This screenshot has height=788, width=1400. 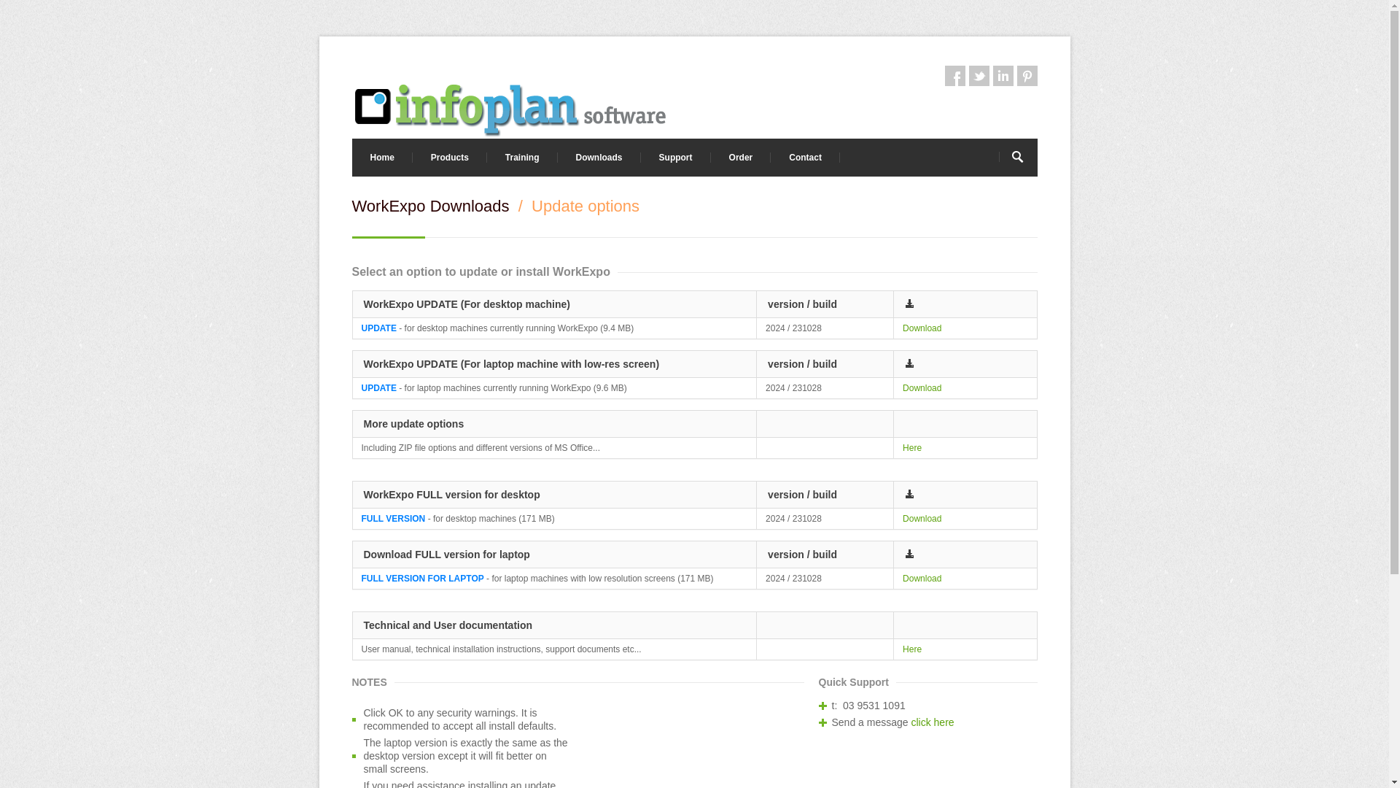 What do you see at coordinates (741, 158) in the screenshot?
I see `'Order'` at bounding box center [741, 158].